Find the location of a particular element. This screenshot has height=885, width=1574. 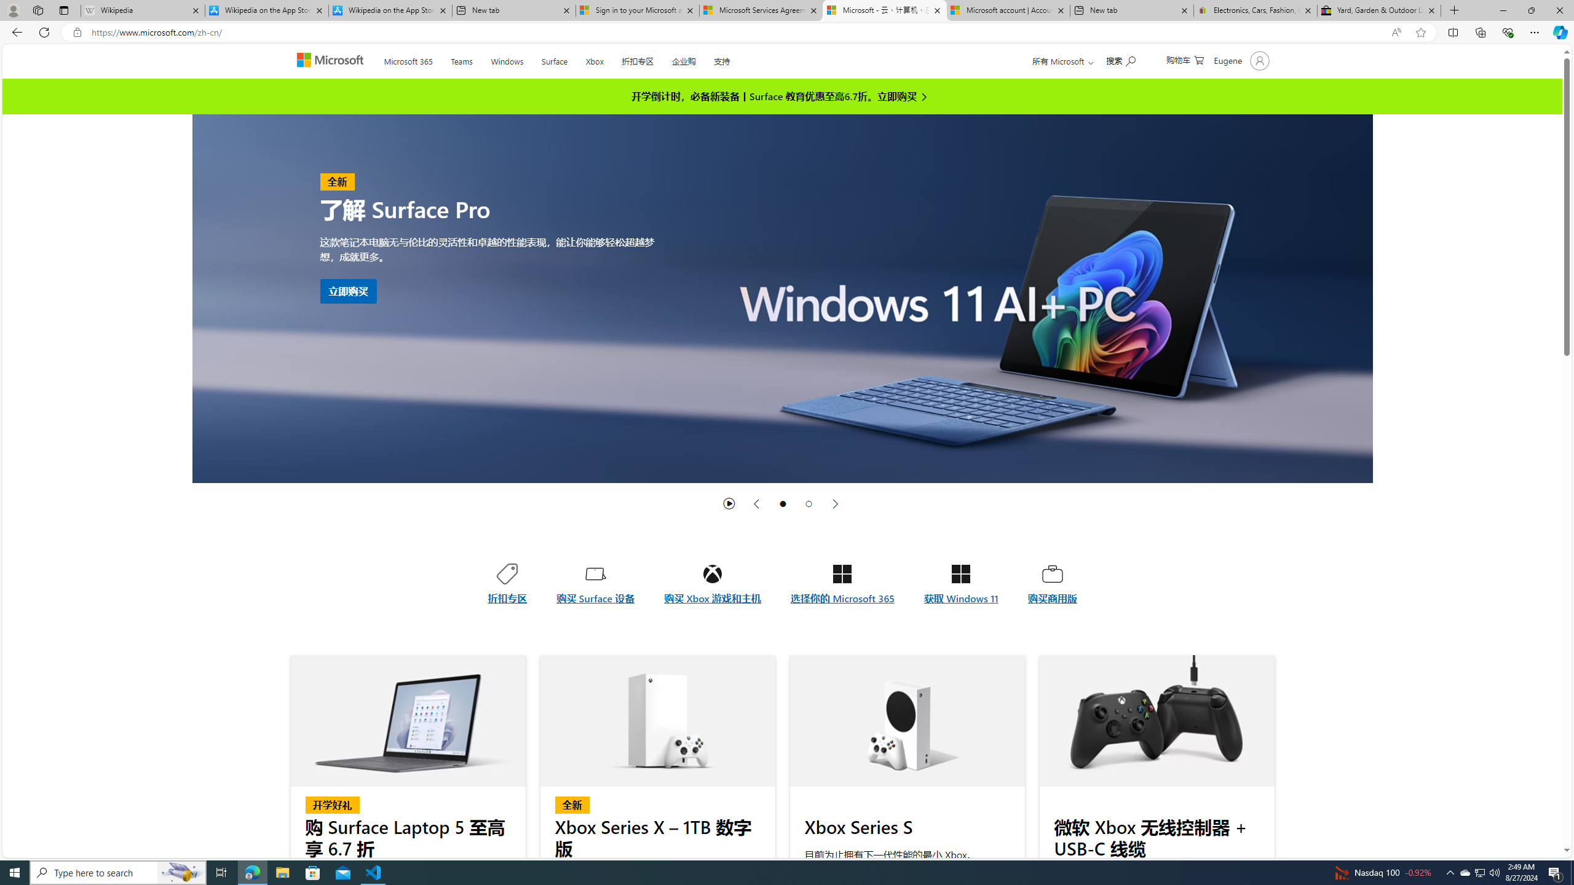

'New tab' is located at coordinates (1131, 10).